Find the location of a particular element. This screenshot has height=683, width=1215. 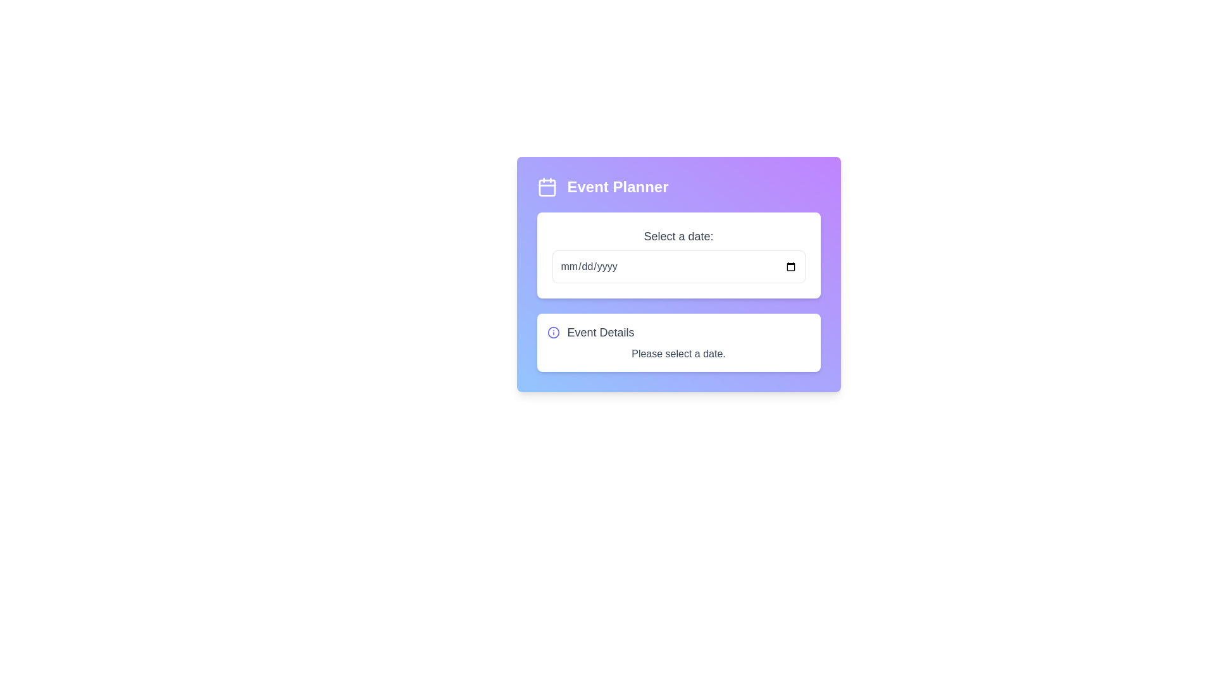

the 'Event Details' text label, which is displayed in a medium-sized, bold font within a purple gradient card interface, located below a calendar input field is located at coordinates (600, 331).